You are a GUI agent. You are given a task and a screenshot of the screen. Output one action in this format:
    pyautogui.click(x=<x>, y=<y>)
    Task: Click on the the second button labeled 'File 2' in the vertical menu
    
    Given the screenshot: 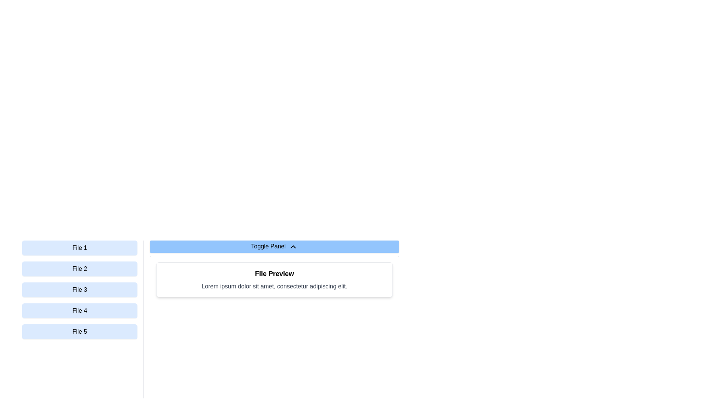 What is the action you would take?
    pyautogui.click(x=79, y=268)
    